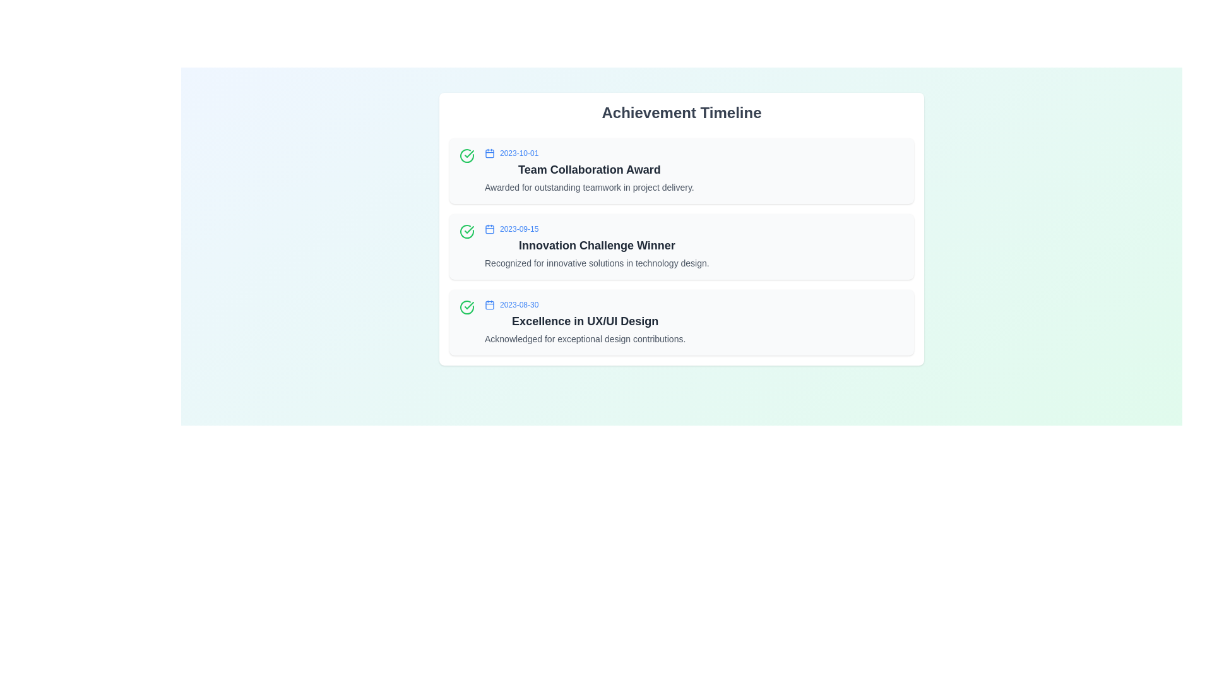 This screenshot has height=682, width=1212. I want to click on the green check mark icon located at the top-left corner of the 'Innovation Challenge Winner' card, which is styled with a green color and positioned to the left of the date, so click(466, 231).